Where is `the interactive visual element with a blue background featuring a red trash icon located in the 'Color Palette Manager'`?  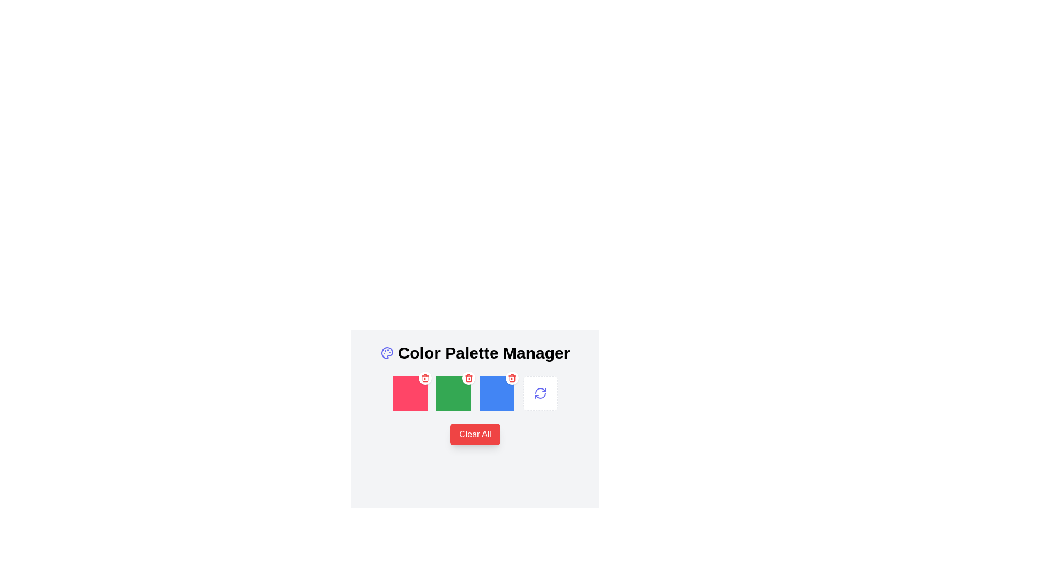
the interactive visual element with a blue background featuring a red trash icon located in the 'Color Palette Manager' is located at coordinates (497, 393).